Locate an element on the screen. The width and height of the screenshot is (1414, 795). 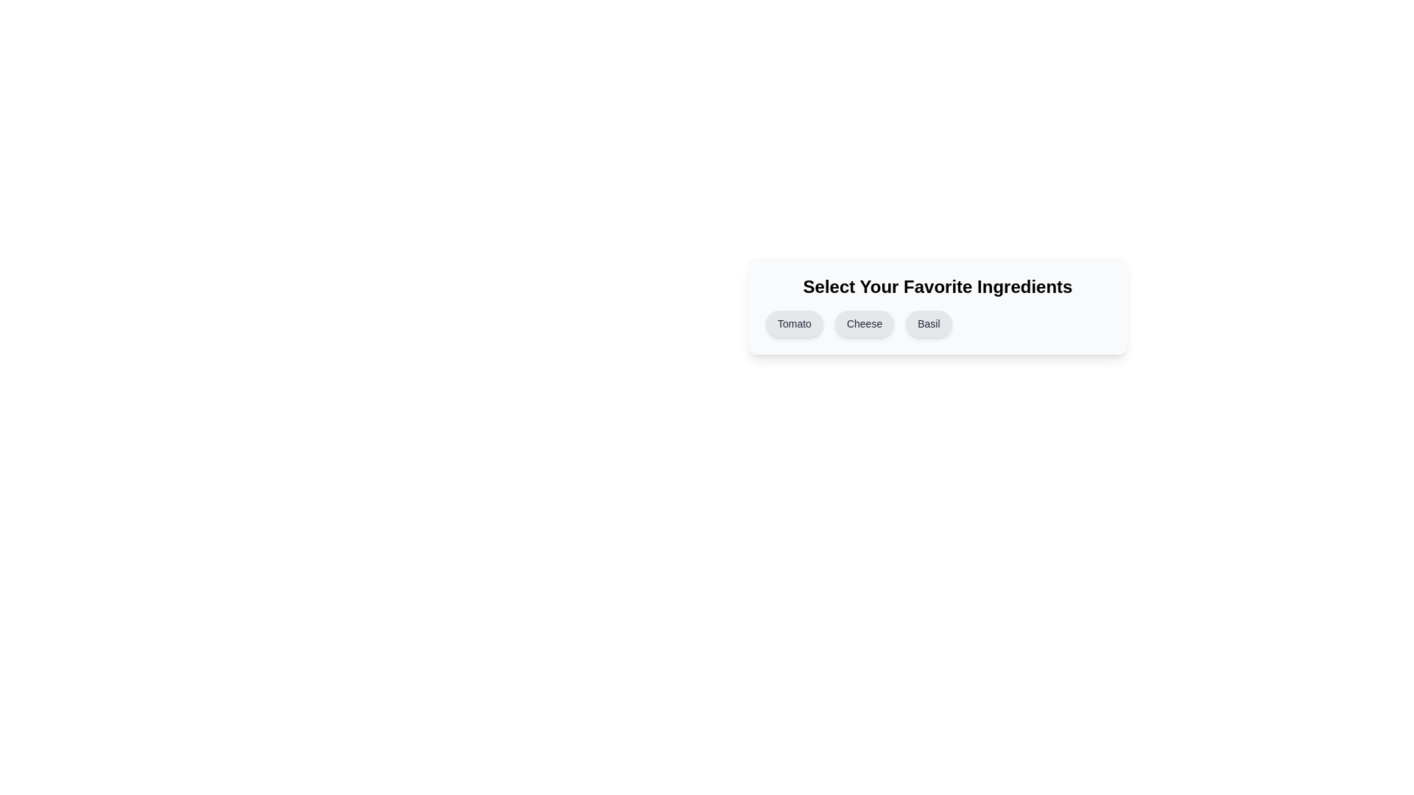
the button corresponding to the ingredient Cheese is located at coordinates (865, 322).